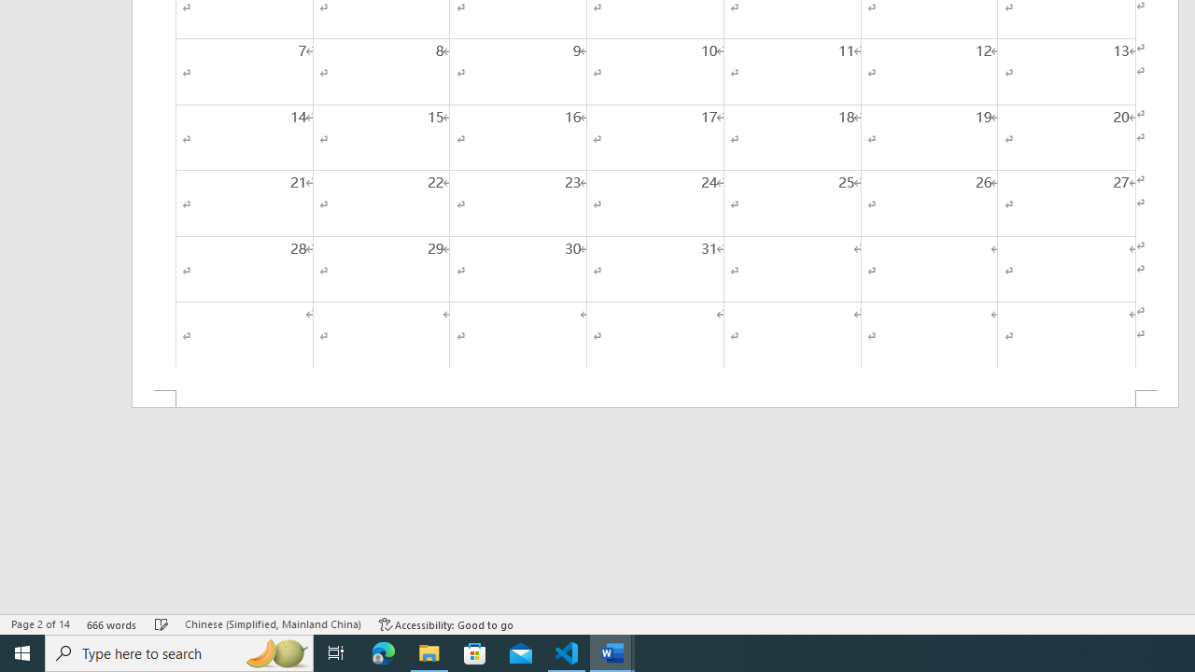 This screenshot has width=1195, height=672. Describe the element at coordinates (162, 624) in the screenshot. I see `'Spelling and Grammar Check Checking'` at that location.